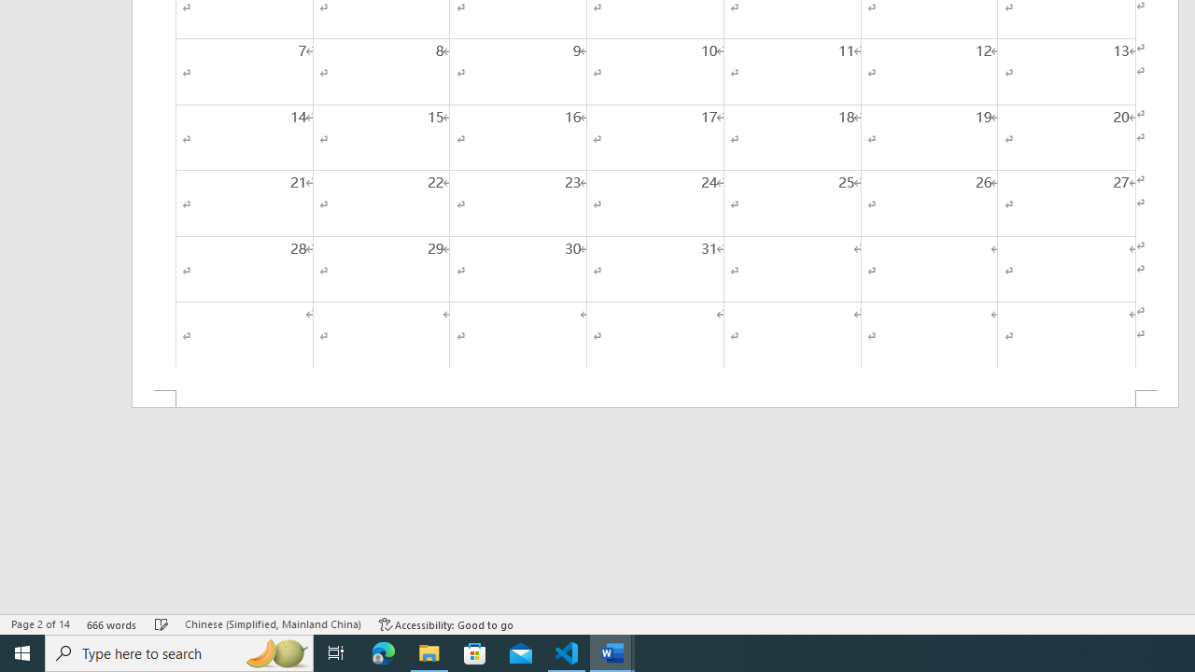 This screenshot has width=1195, height=672. Describe the element at coordinates (162, 624) in the screenshot. I see `'Spelling and Grammar Check Checking'` at that location.